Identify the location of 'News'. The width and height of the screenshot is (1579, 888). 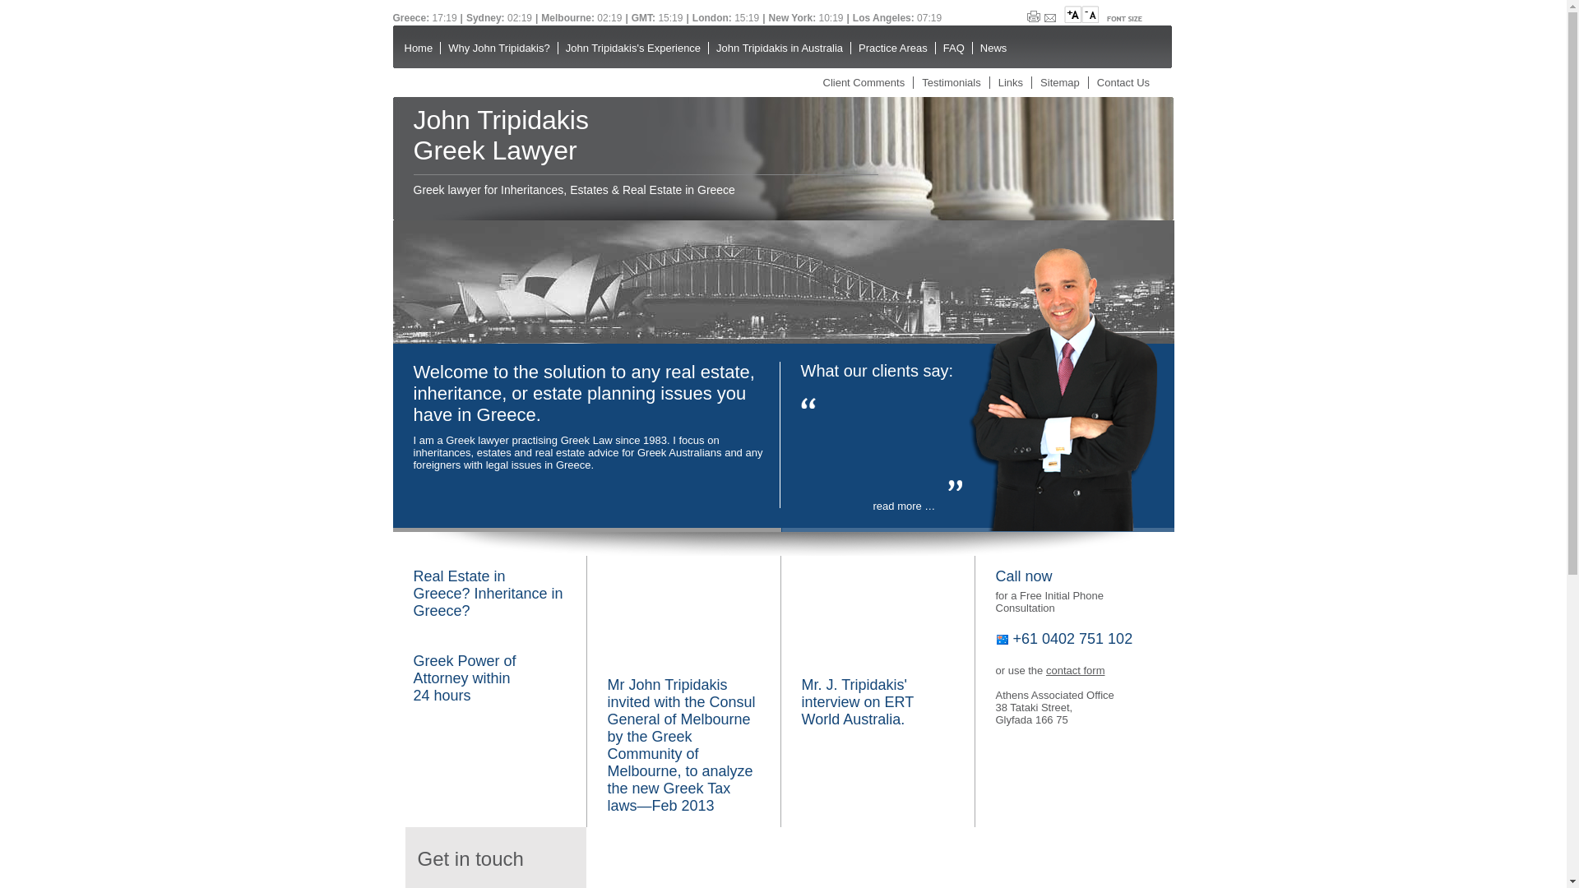
(971, 47).